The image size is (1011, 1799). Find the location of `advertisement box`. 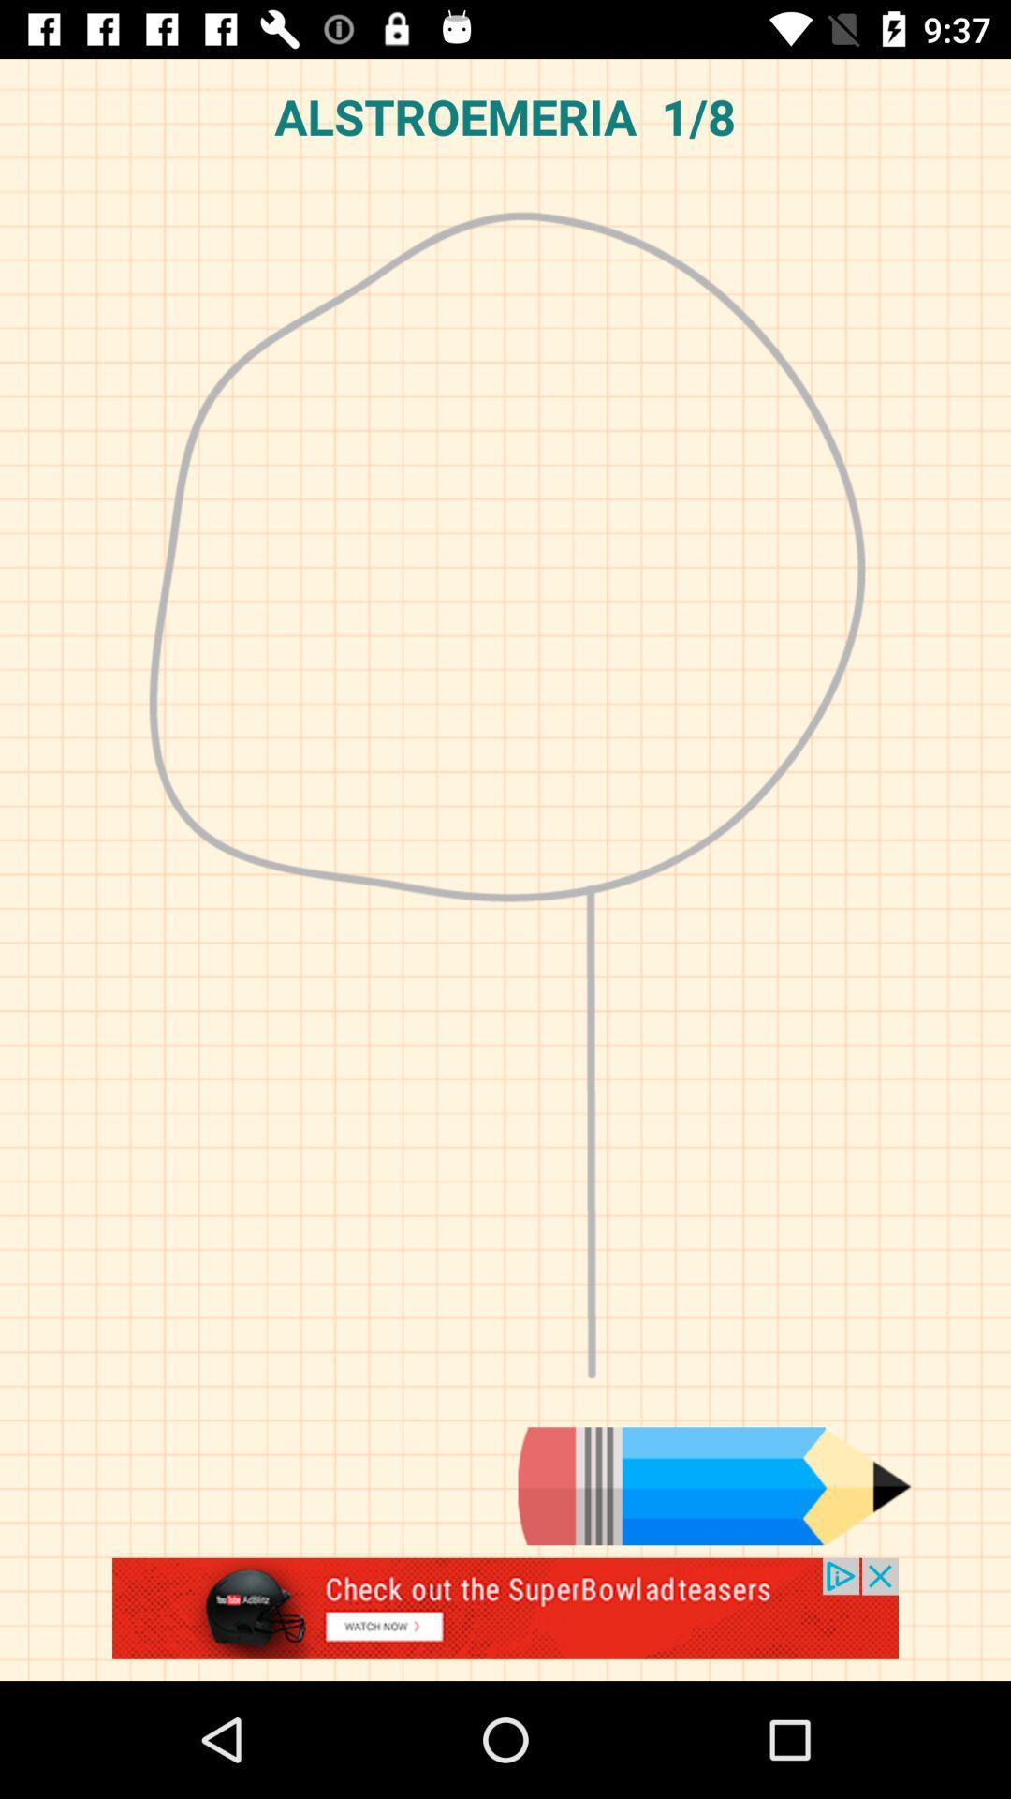

advertisement box is located at coordinates (505, 1618).